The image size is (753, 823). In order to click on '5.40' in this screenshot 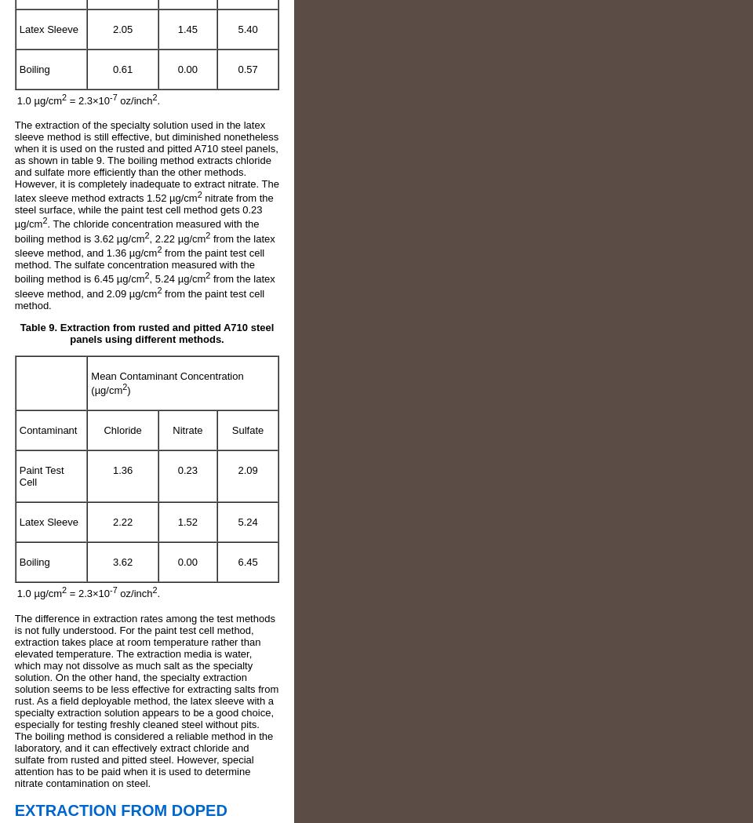, I will do `click(247, 27)`.